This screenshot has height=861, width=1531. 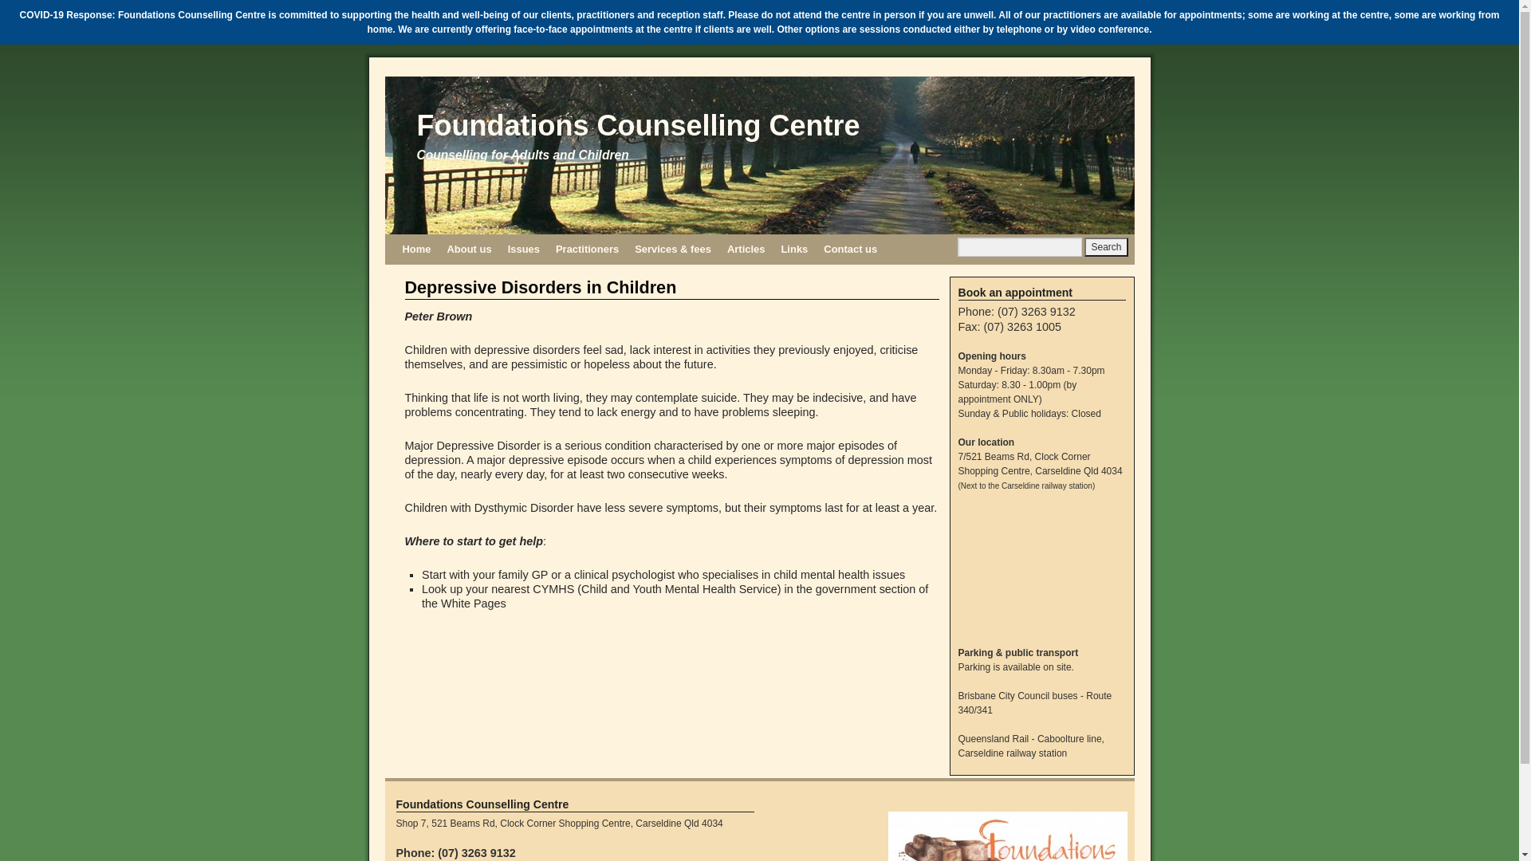 I want to click on 'Contact us', so click(x=849, y=249).